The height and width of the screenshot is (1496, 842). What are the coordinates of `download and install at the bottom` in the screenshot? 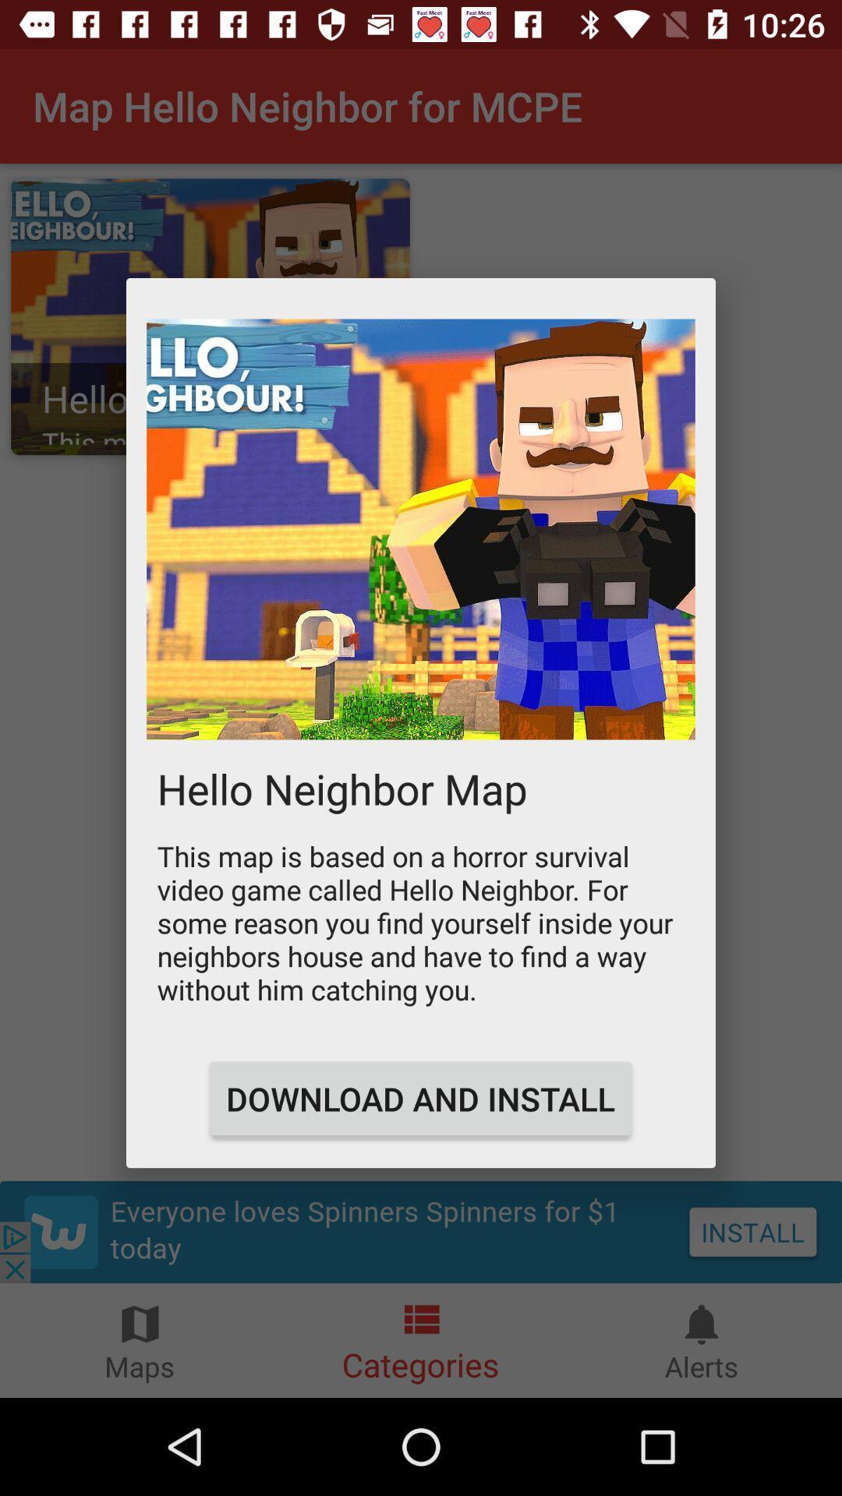 It's located at (419, 1098).